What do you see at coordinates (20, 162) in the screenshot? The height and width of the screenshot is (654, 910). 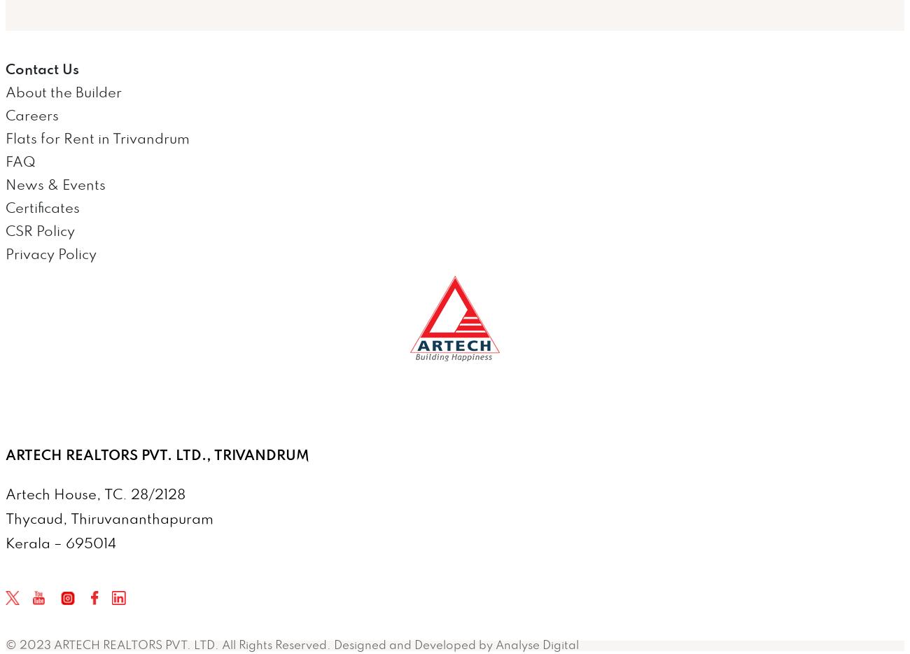 I see `'FAQ'` at bounding box center [20, 162].